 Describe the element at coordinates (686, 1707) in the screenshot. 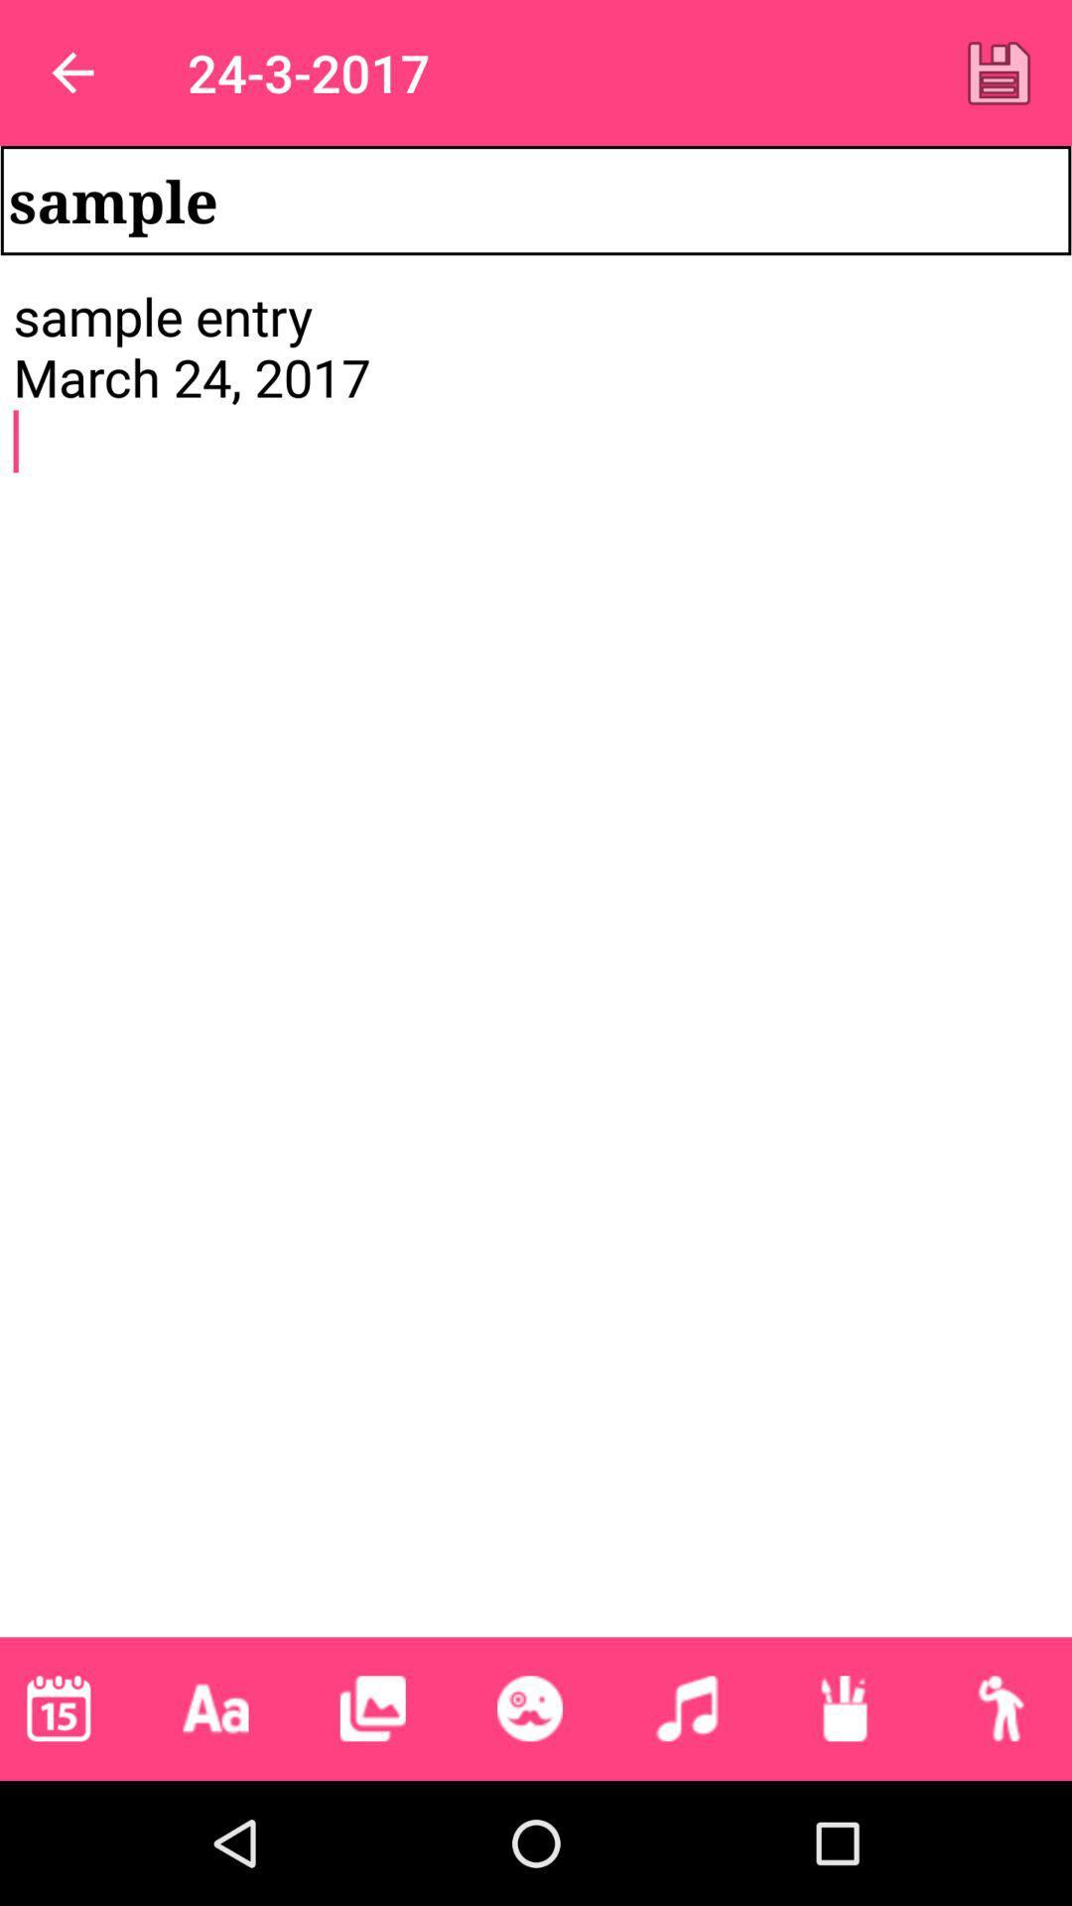

I see `the item below the sample entry march item` at that location.